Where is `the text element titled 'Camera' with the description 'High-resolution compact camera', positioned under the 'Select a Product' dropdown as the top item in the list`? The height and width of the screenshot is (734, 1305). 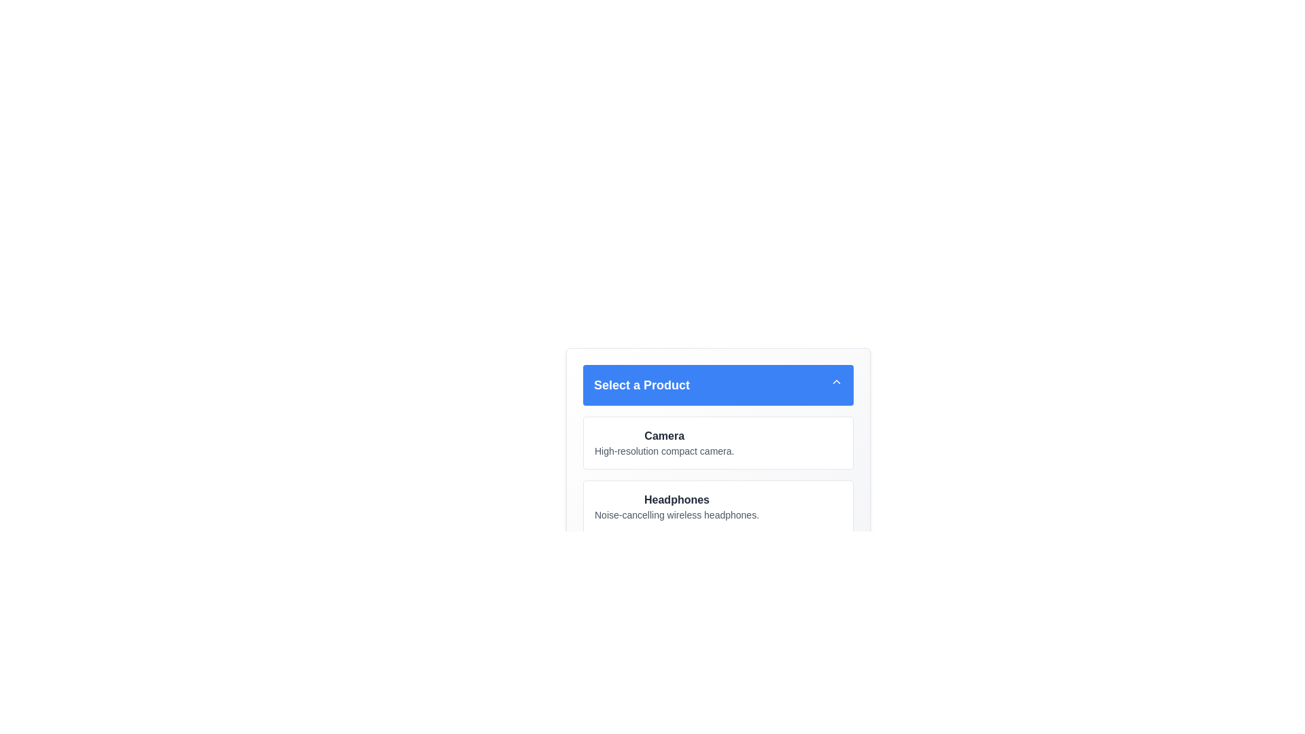
the text element titled 'Camera' with the description 'High-resolution compact camera', positioned under the 'Select a Product' dropdown as the top item in the list is located at coordinates (664, 442).